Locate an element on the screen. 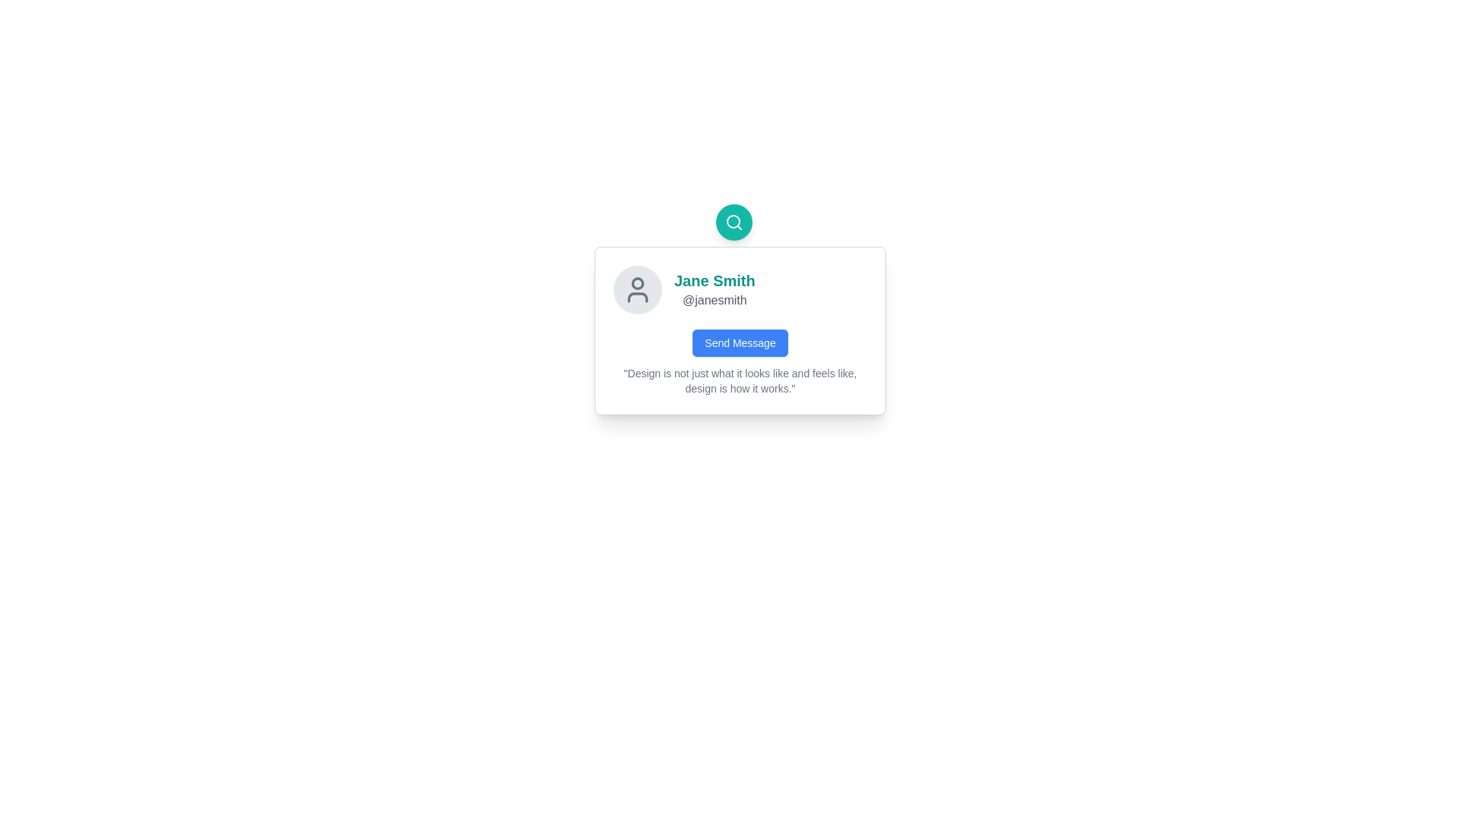 This screenshot has width=1458, height=820. the button located centrally below the username '@janesmith' and profile photo to send a direct message to the user is located at coordinates (740, 342).